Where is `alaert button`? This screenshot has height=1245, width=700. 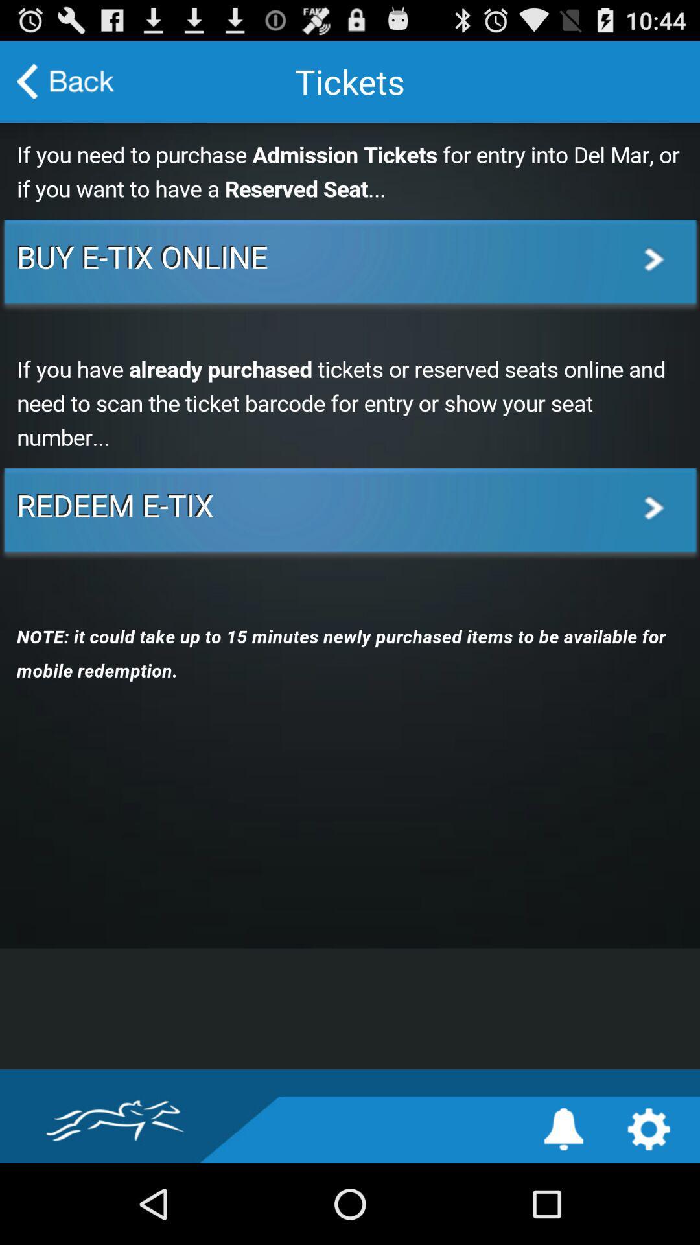 alaert button is located at coordinates (563, 1128).